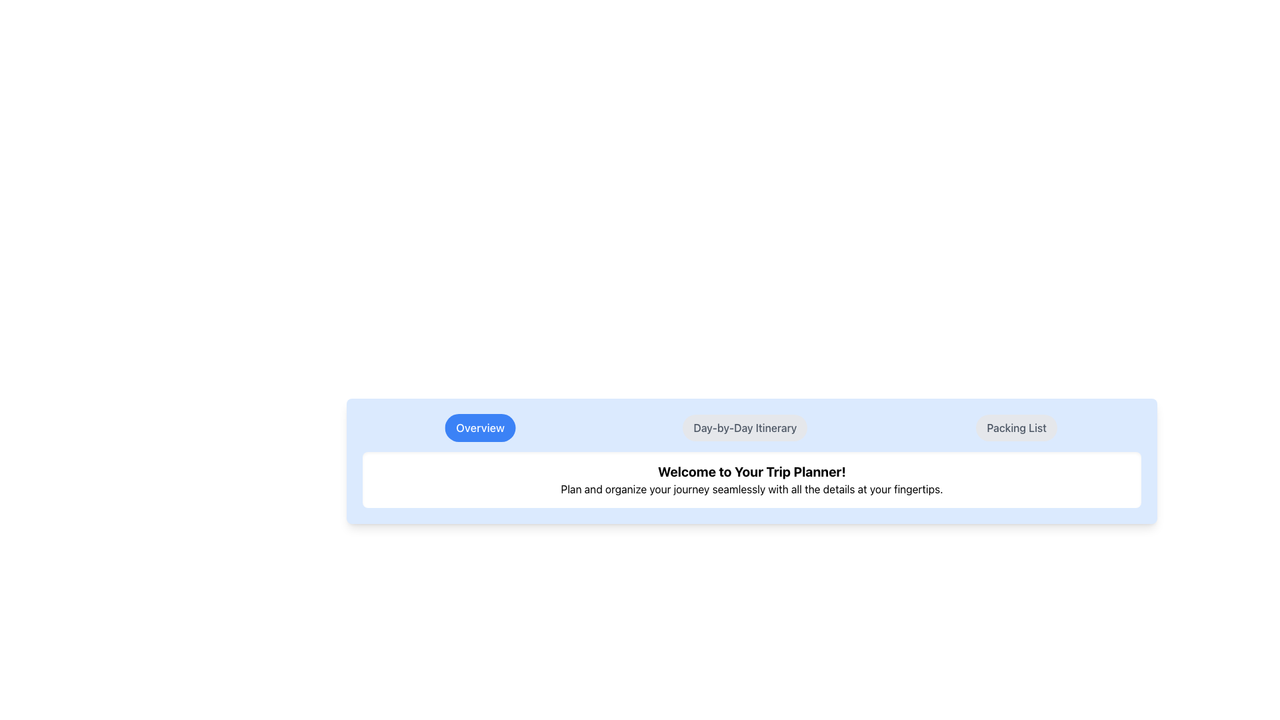  What do you see at coordinates (752, 427) in the screenshot?
I see `the 'Day-by-Day Itinerary' button in the navigation bar` at bounding box center [752, 427].